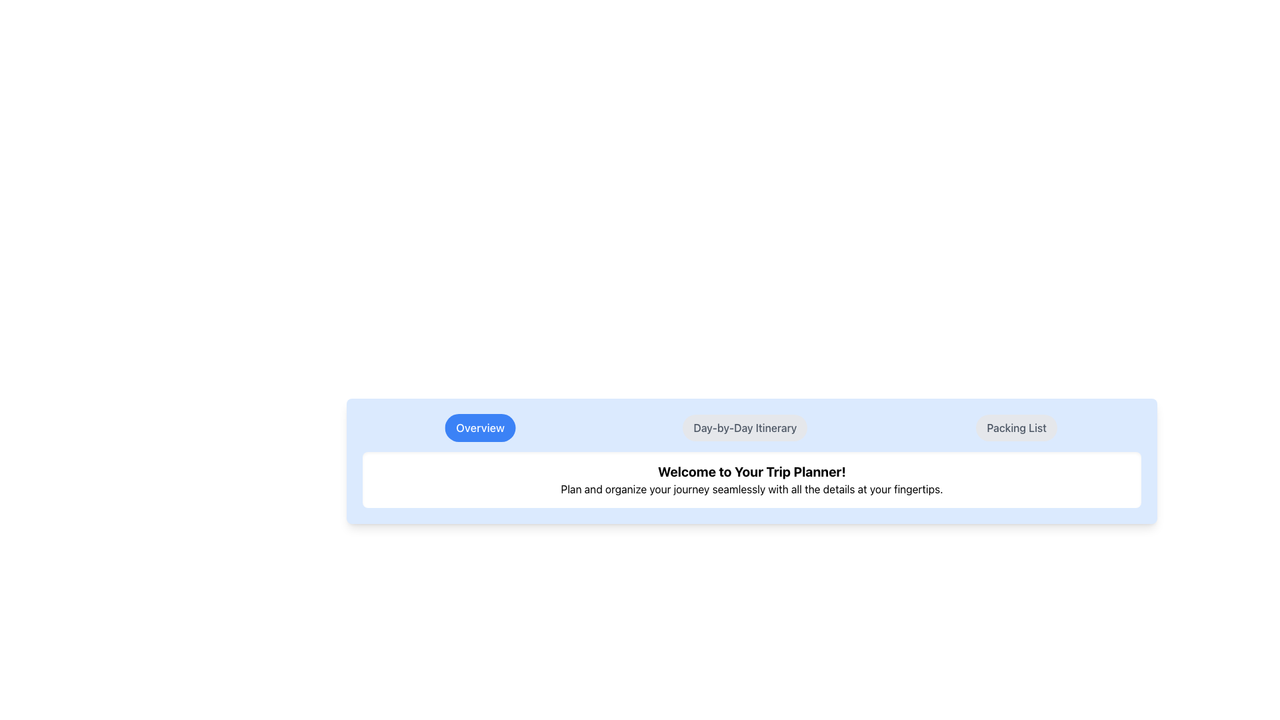  What do you see at coordinates (752, 427) in the screenshot?
I see `the 'Day-by-Day Itinerary' button in the navigation bar` at bounding box center [752, 427].